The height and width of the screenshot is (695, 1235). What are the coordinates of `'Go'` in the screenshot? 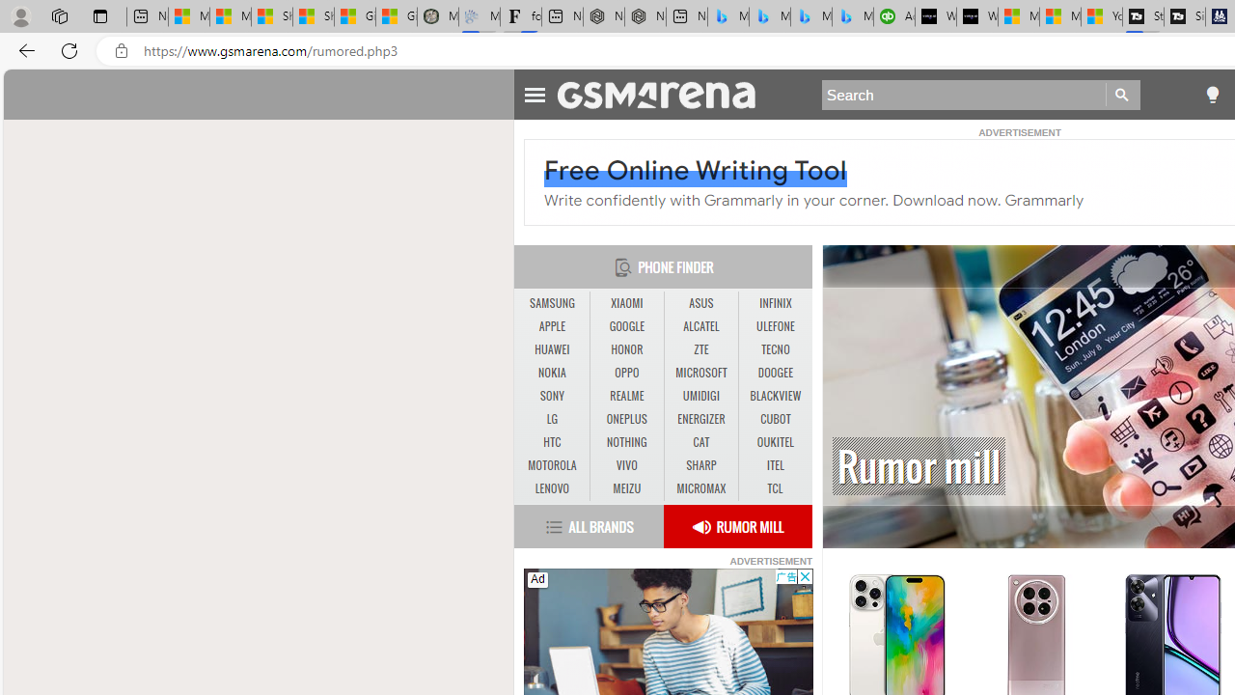 It's located at (1123, 95).